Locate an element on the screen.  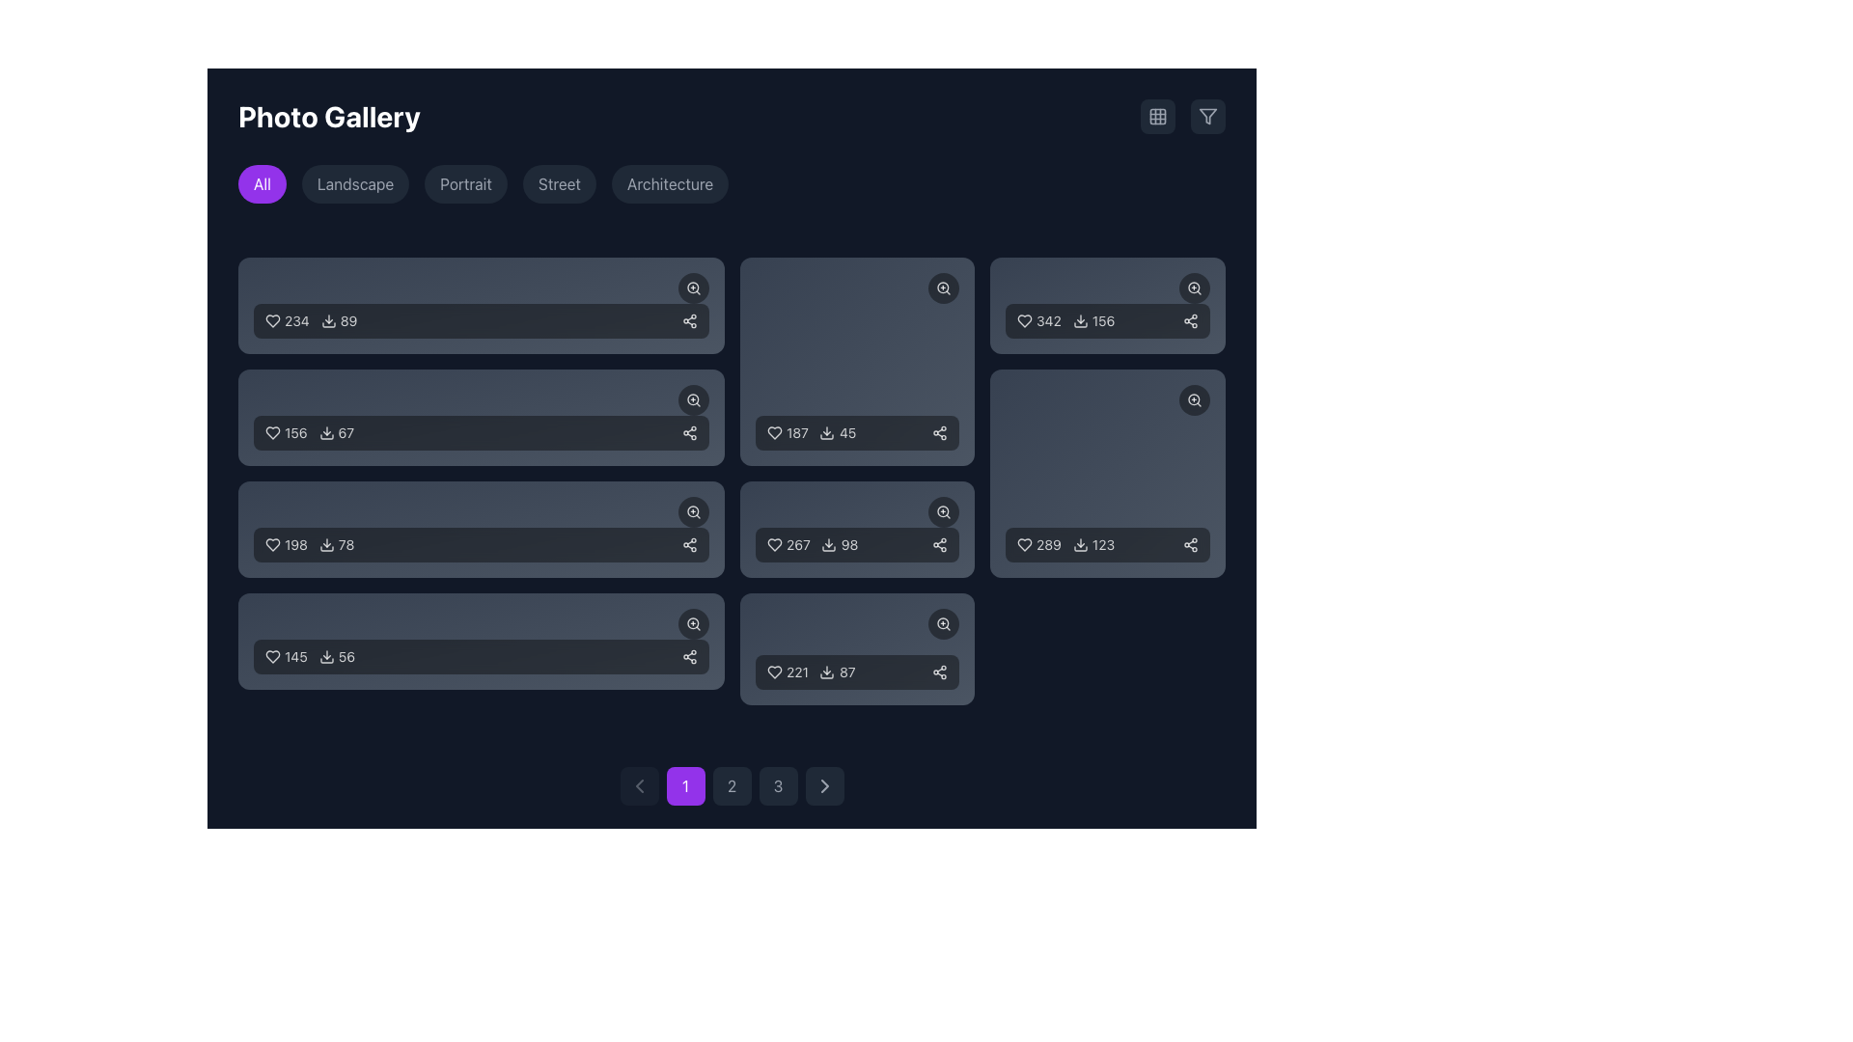
the circular graphic element that is part of the zoom-in icon group located in the bottom-right corner of the card showing '221 likes and 87 downloads.' is located at coordinates (943, 623).